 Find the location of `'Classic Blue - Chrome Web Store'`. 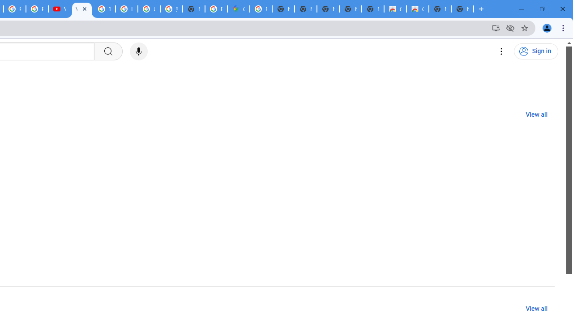

'Classic Blue - Chrome Web Store' is located at coordinates (394, 9).